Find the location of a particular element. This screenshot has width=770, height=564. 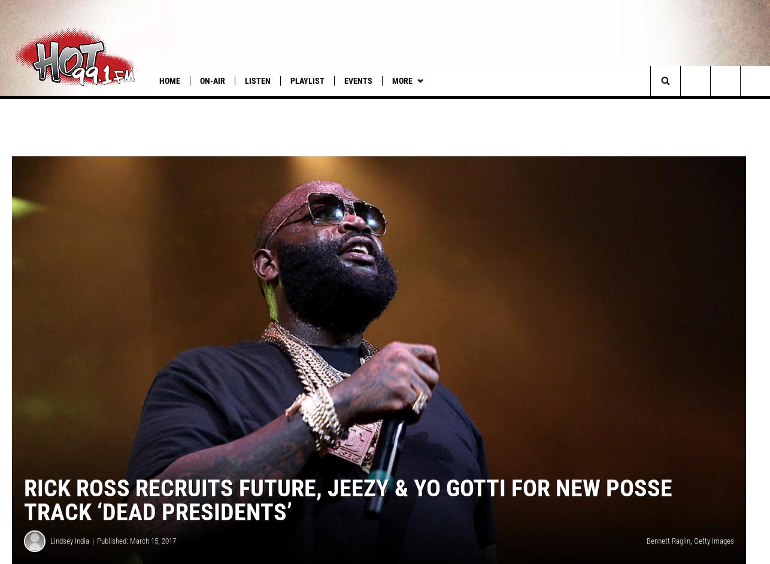

'Bennett Raglin, Getty Images' is located at coordinates (690, 556).